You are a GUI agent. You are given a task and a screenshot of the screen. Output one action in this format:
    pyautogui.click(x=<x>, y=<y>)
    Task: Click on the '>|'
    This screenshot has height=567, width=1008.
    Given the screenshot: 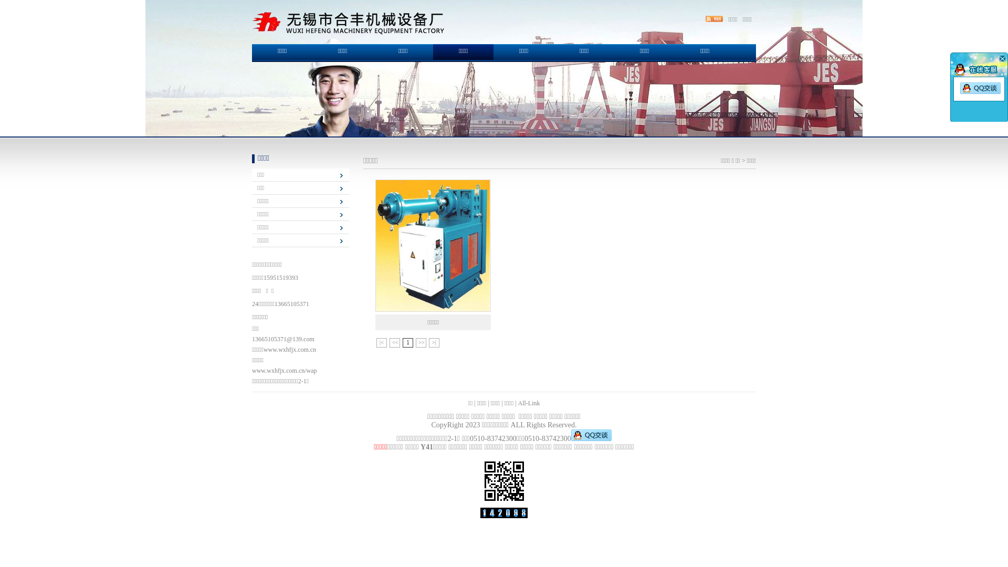 What is the action you would take?
    pyautogui.click(x=434, y=342)
    